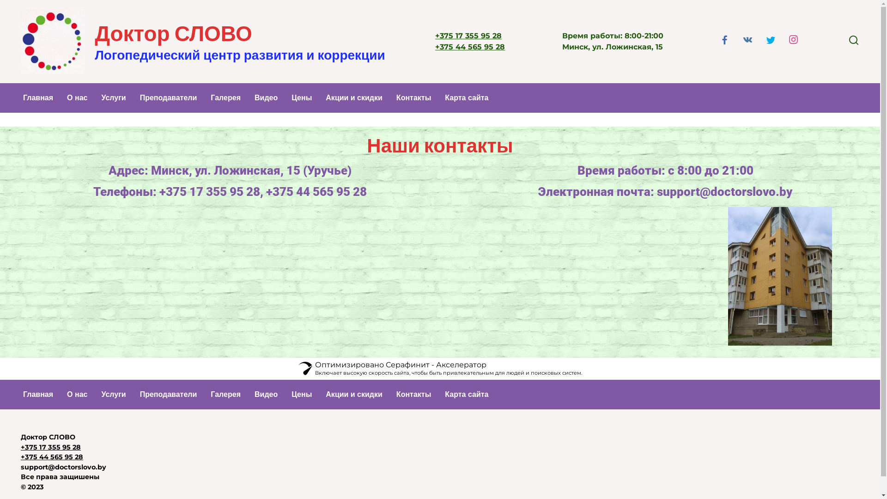 This screenshot has width=887, height=499. Describe the element at coordinates (50, 447) in the screenshot. I see `'+375 17 355 95 28'` at that location.